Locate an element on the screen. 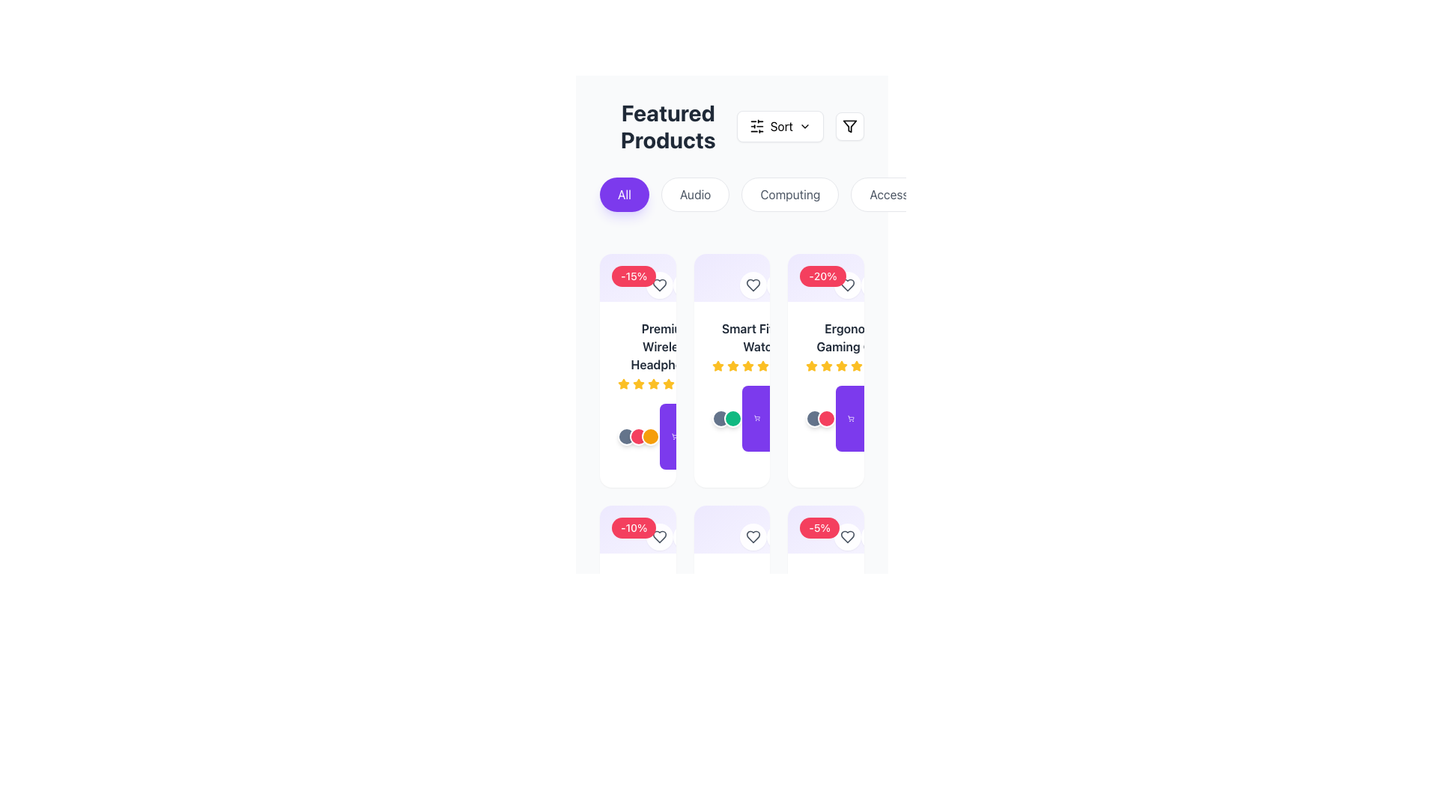  the discount label indicating the promotional offer for the Ergonomic Gaming Chair located in the top-left corner of the third product card is located at coordinates (825, 277).